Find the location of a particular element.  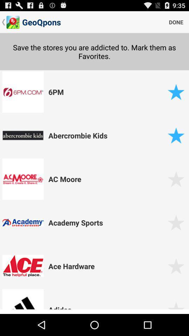

that store is located at coordinates (176, 91).